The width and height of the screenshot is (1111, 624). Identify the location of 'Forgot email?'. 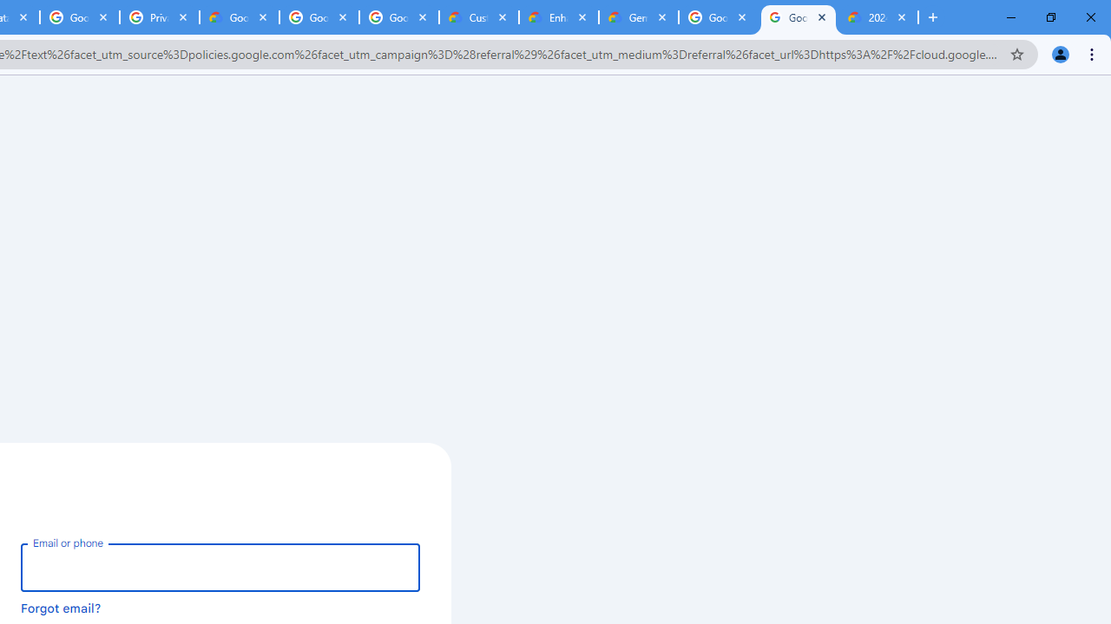
(61, 607).